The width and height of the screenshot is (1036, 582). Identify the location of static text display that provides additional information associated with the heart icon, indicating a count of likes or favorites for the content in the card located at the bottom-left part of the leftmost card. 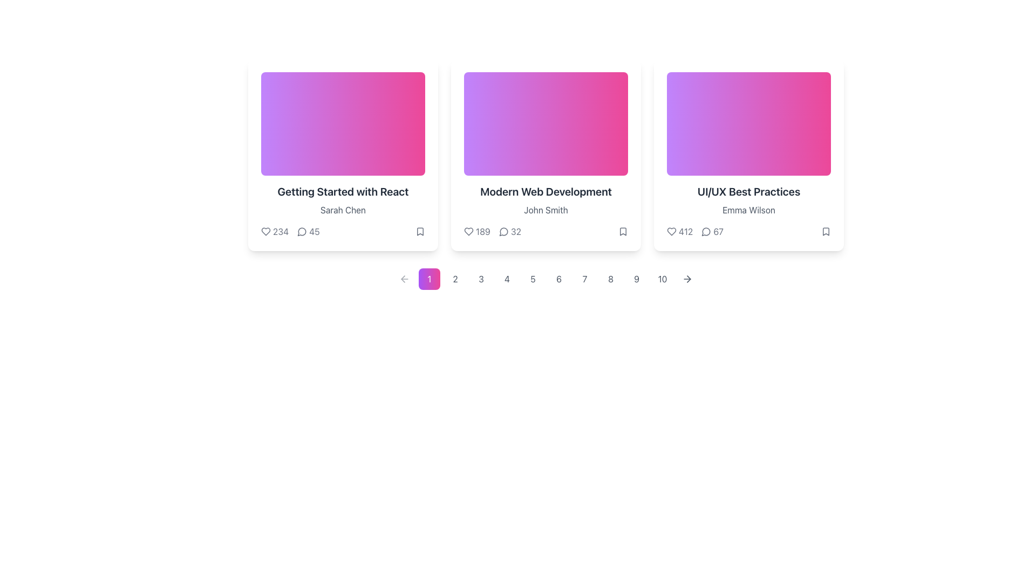
(281, 231).